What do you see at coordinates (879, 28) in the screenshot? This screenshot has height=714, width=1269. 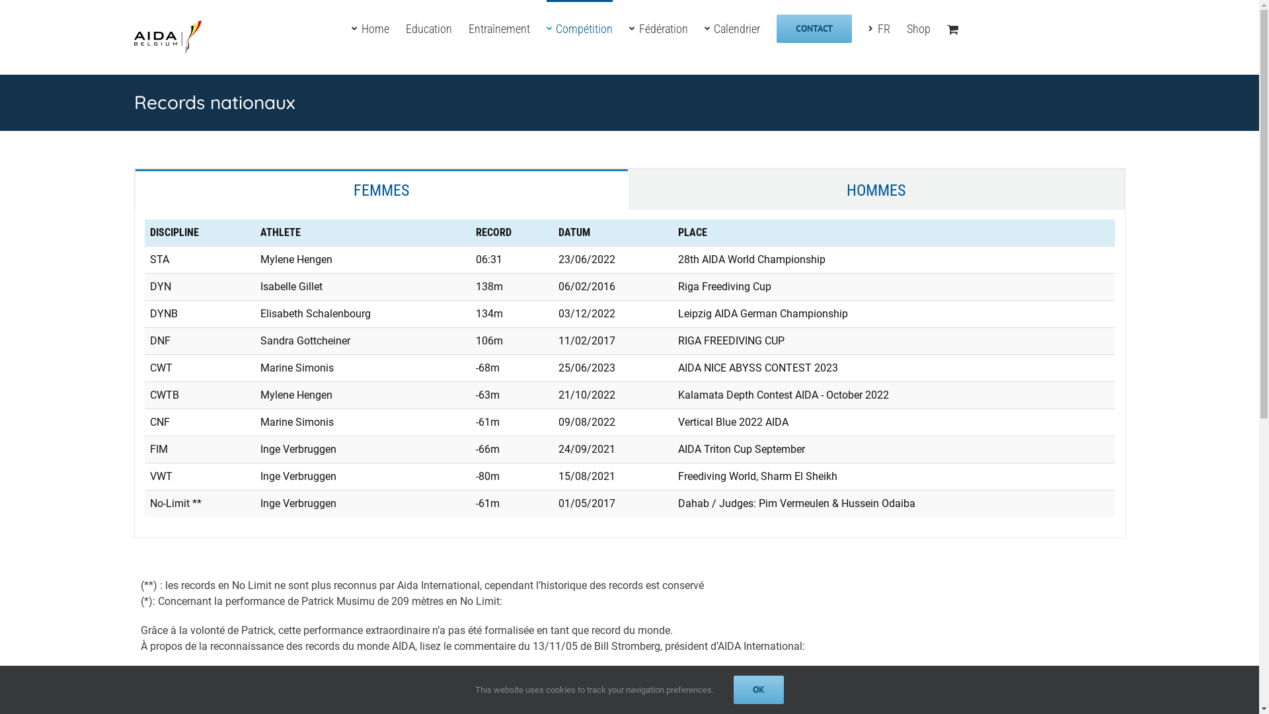 I see `'FR'` at bounding box center [879, 28].